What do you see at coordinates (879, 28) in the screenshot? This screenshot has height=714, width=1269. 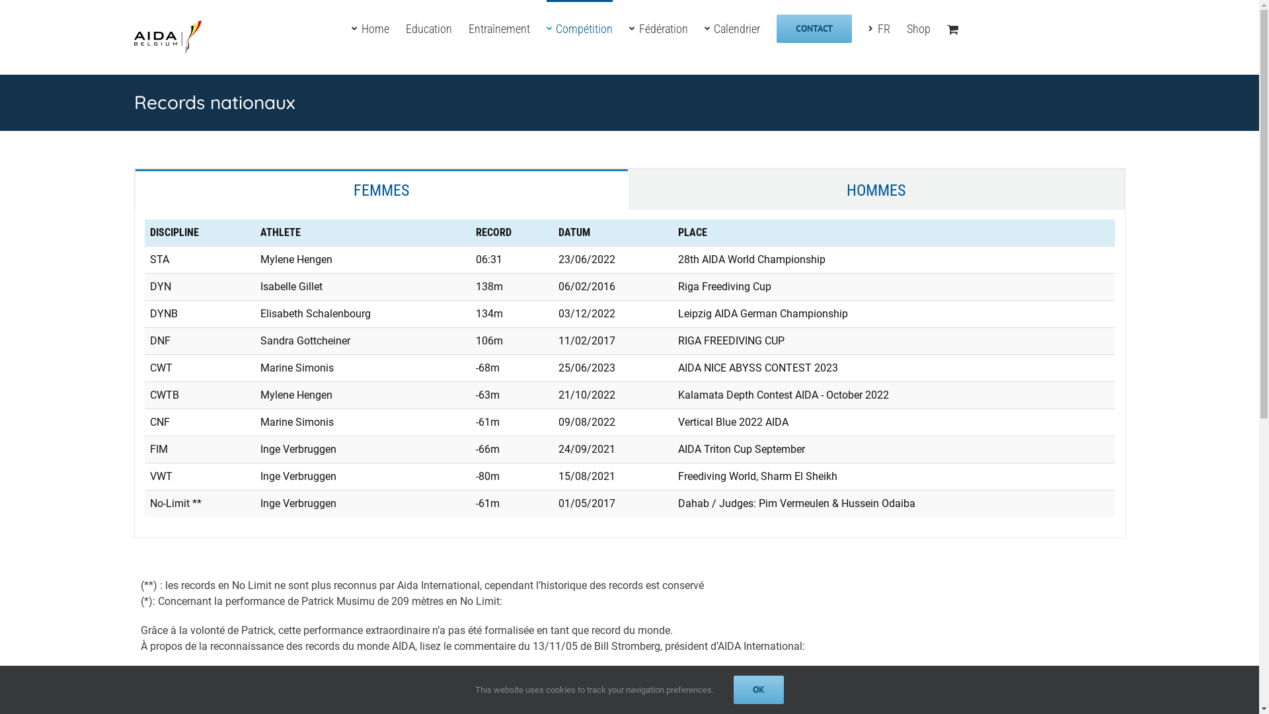 I see `'FR'` at bounding box center [879, 28].